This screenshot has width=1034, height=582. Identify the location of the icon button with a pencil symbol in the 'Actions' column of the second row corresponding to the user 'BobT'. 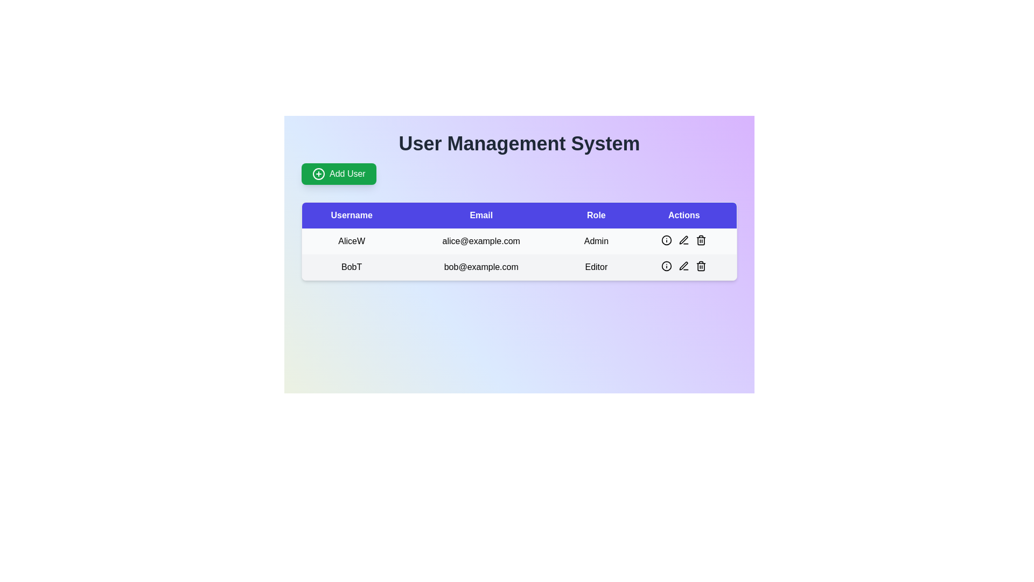
(683, 266).